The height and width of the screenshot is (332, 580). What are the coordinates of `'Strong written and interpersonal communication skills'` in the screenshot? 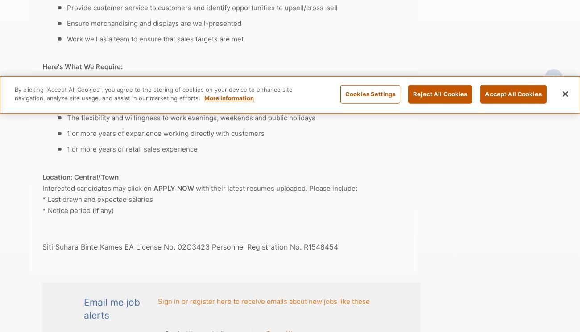 It's located at (152, 102).